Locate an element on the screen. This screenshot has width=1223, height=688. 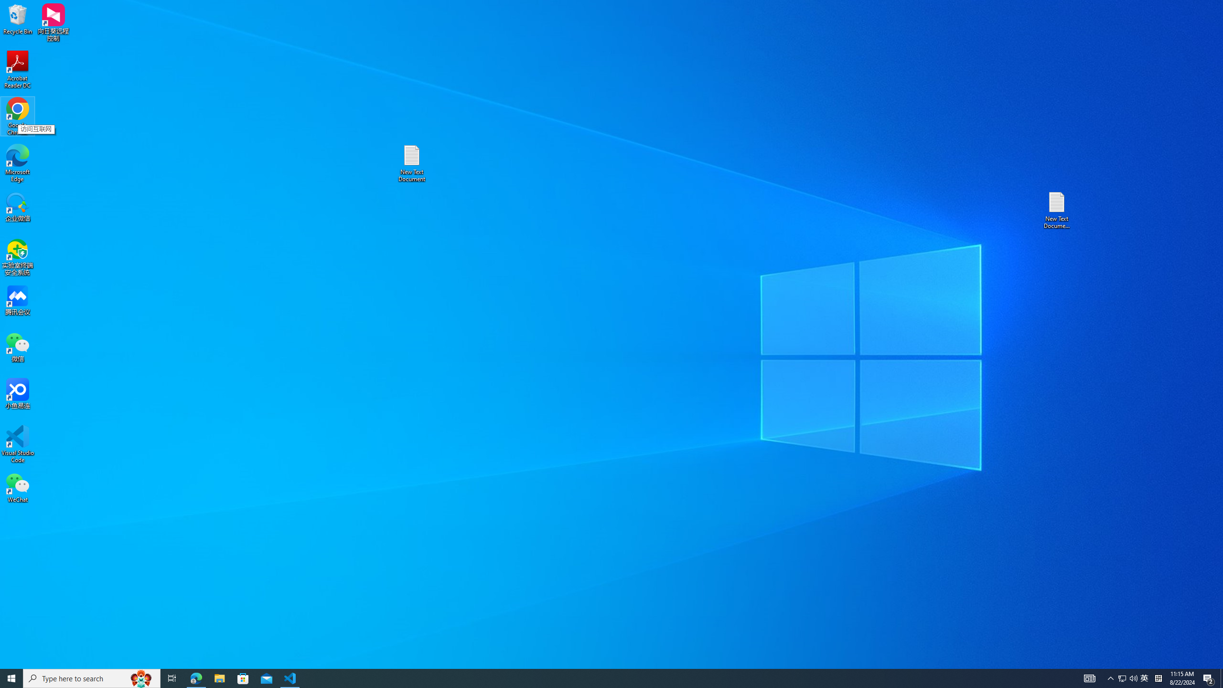
'Action Center, 2 new notifications' is located at coordinates (1209, 677).